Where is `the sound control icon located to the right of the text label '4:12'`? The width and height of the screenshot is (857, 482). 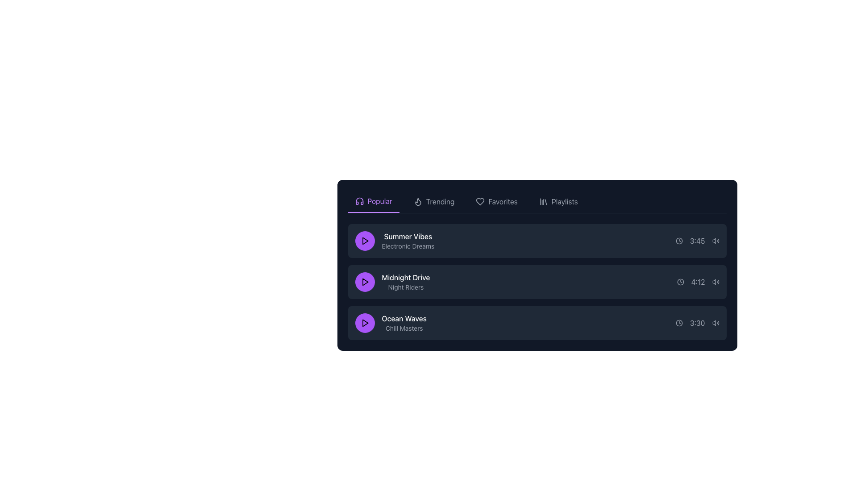
the sound control icon located to the right of the text label '4:12' is located at coordinates (716, 282).